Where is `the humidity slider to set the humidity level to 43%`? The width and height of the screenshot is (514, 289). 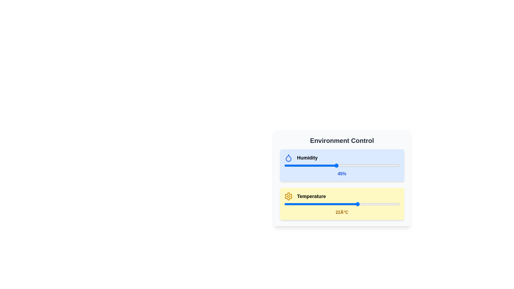 the humidity slider to set the humidity level to 43% is located at coordinates (334, 165).